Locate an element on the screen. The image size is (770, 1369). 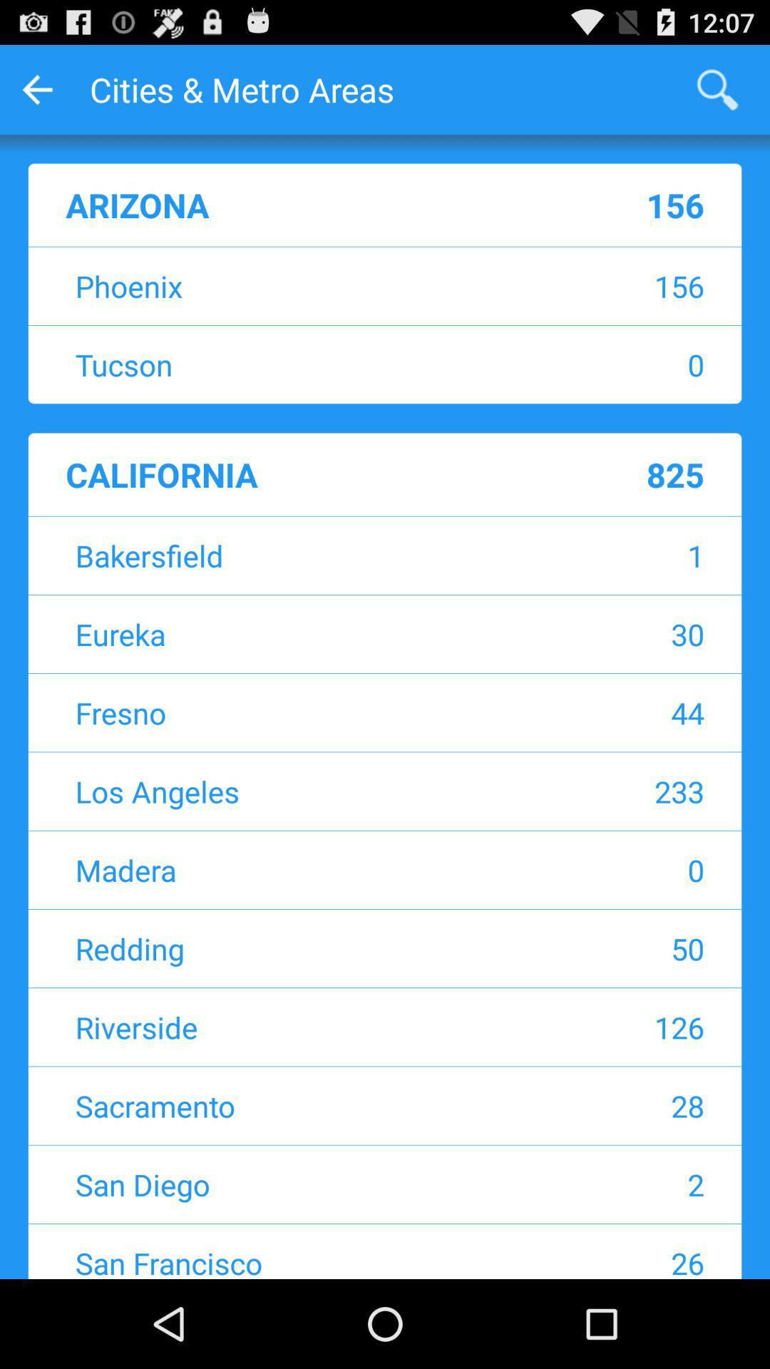
the item to the left of 44 icon is located at coordinates (295, 712).